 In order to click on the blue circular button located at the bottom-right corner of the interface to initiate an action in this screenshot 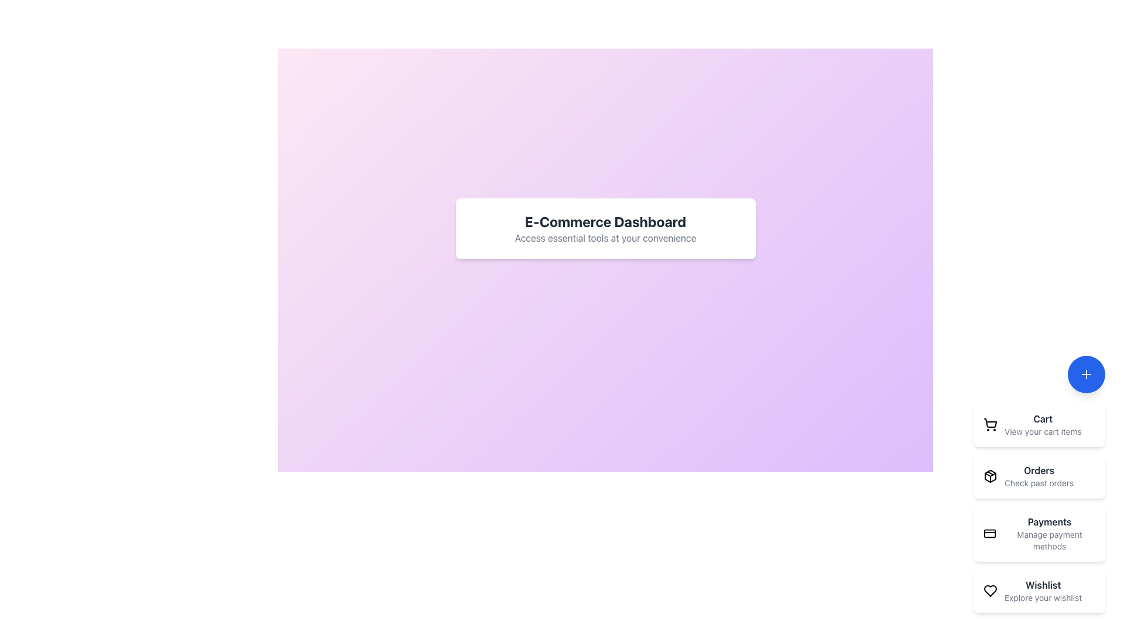, I will do `click(1086, 375)`.